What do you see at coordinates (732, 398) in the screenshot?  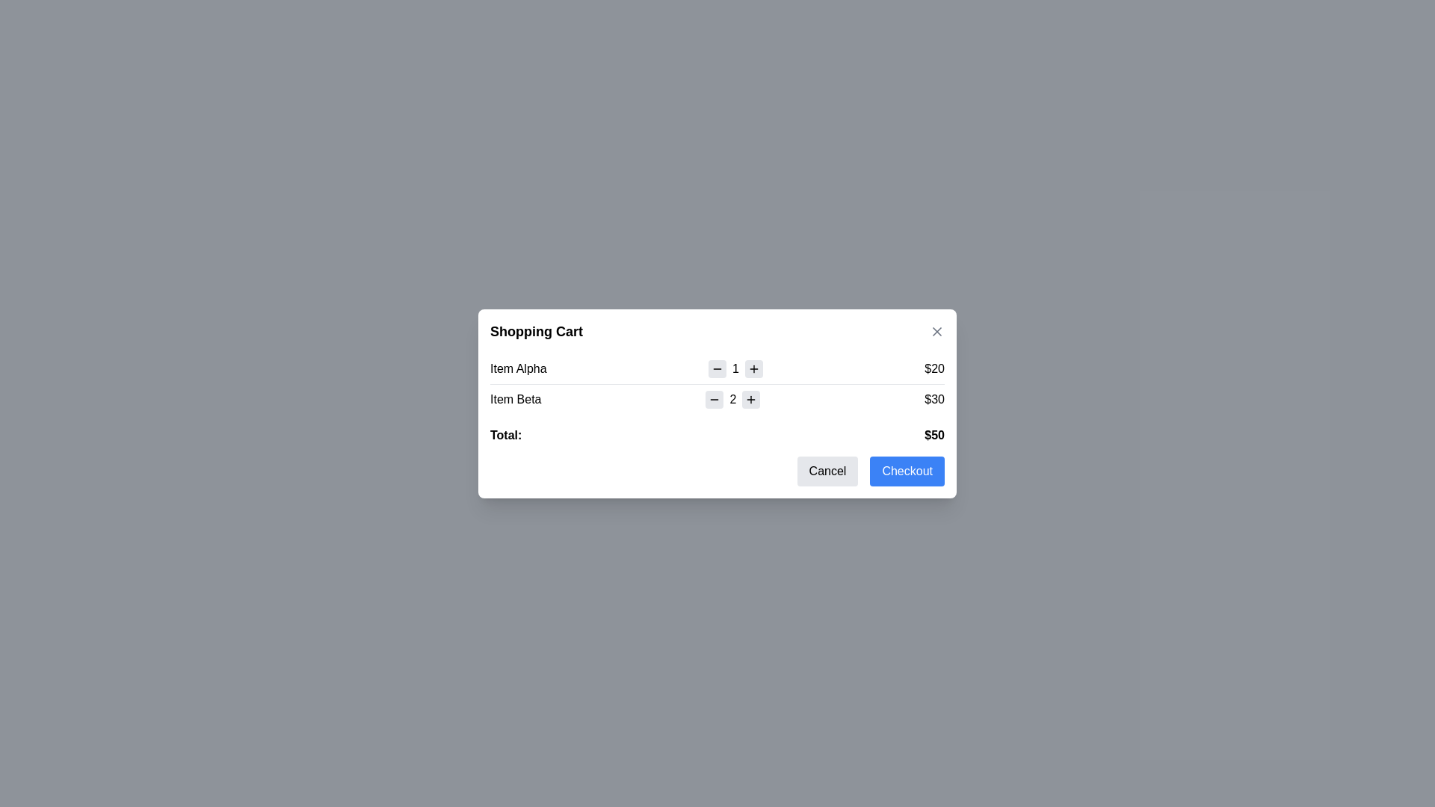 I see `the numeric text component displaying the value '2' in the quantity adjustment control for 'Item Beta' to focus it` at bounding box center [732, 398].